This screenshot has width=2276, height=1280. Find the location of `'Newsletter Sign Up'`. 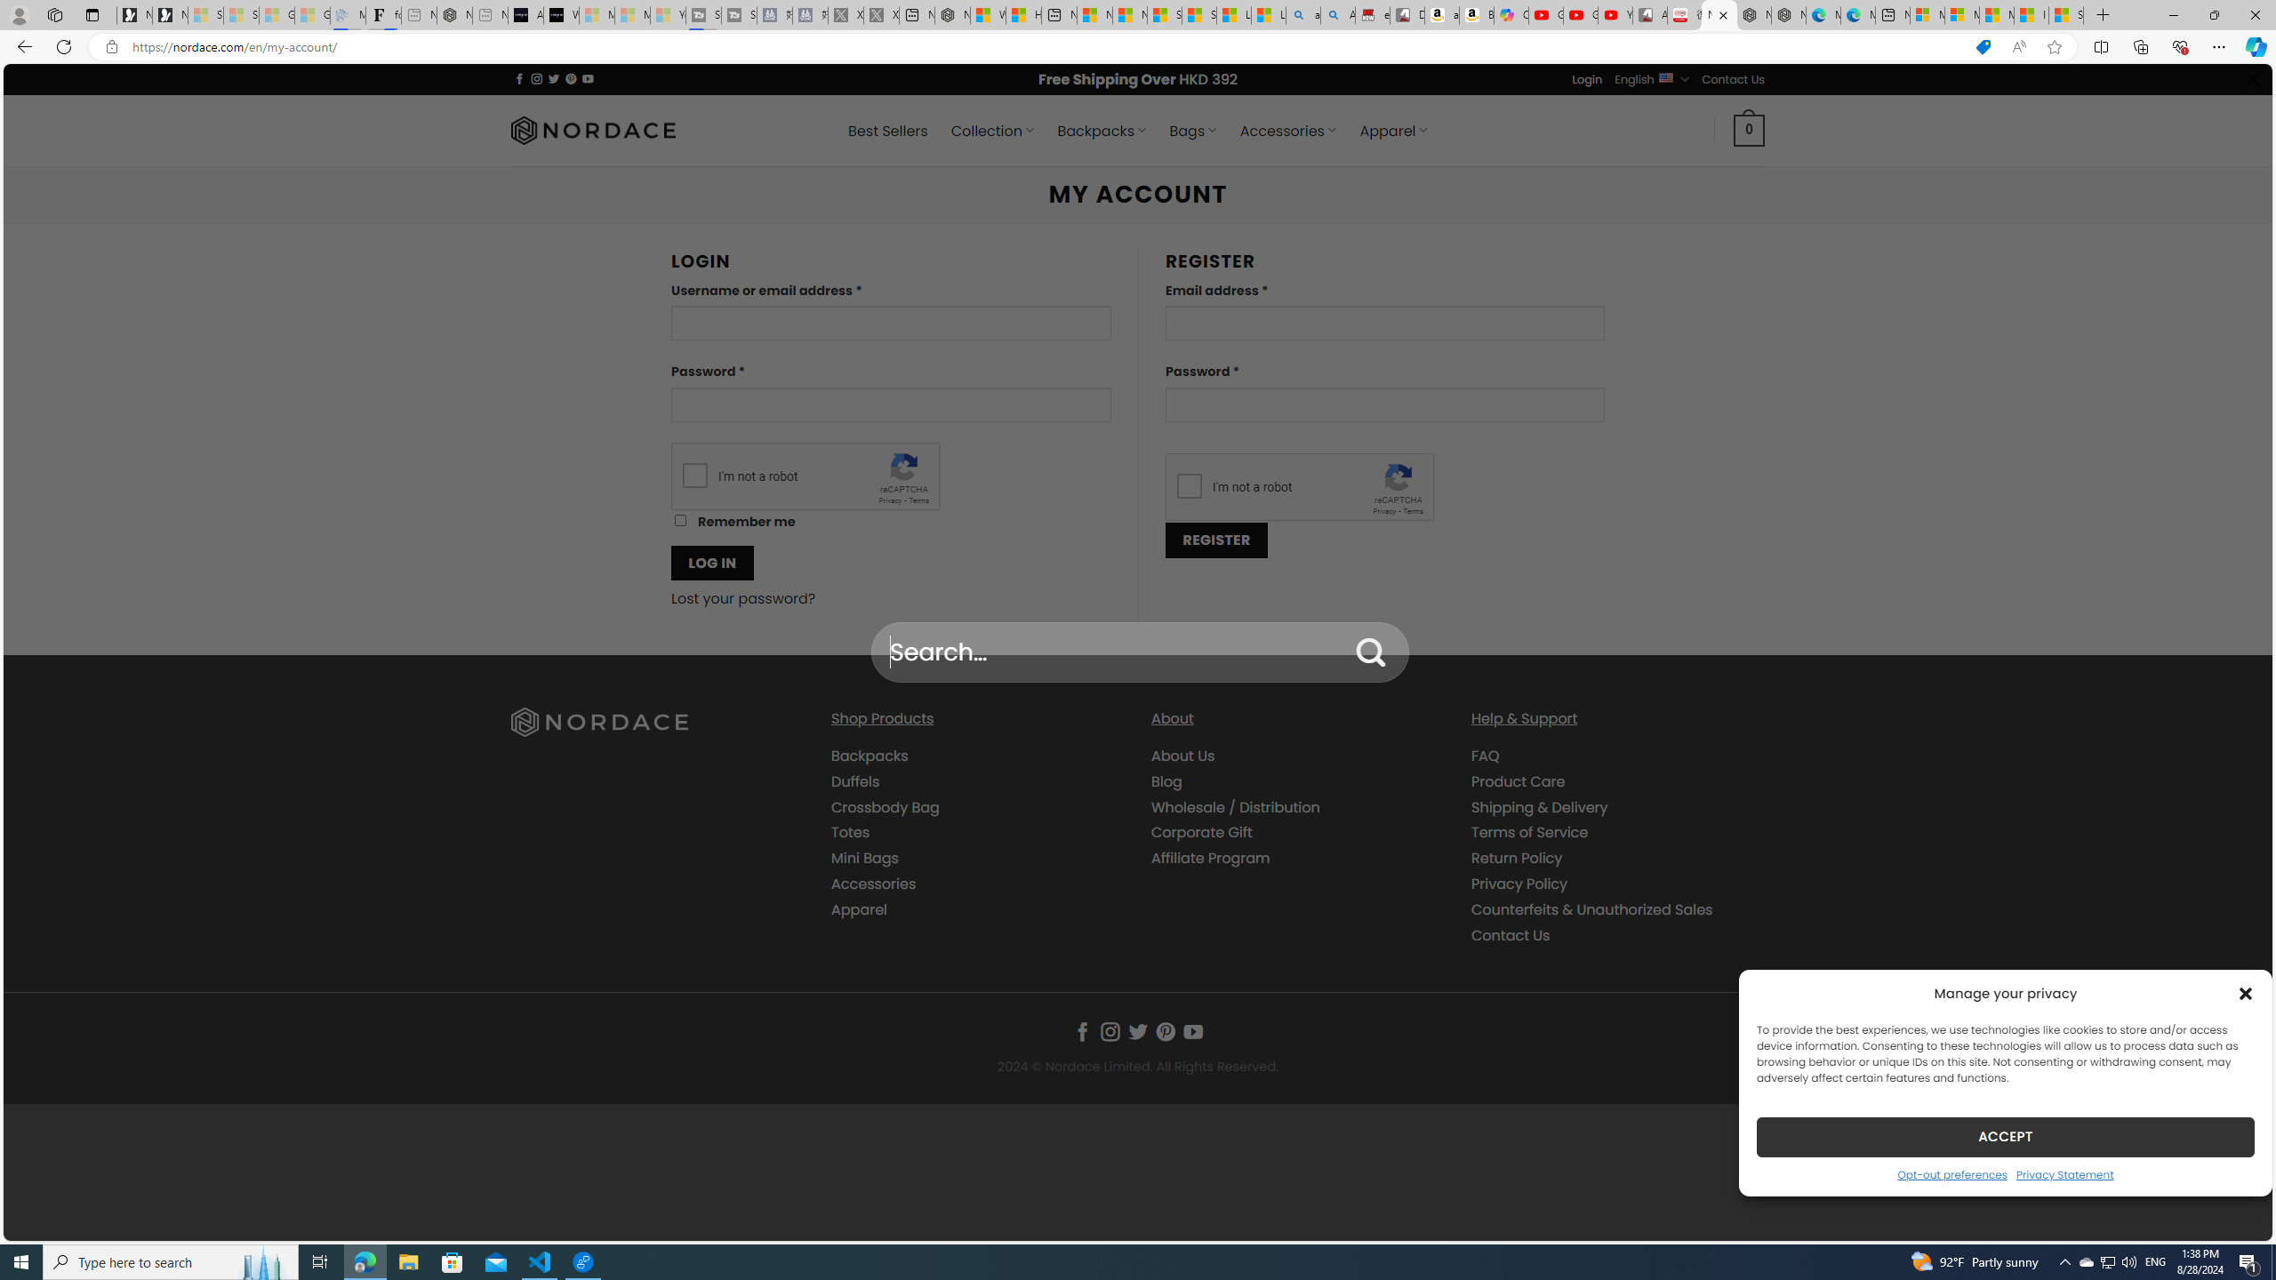

'Newsletter Sign Up' is located at coordinates (170, 14).